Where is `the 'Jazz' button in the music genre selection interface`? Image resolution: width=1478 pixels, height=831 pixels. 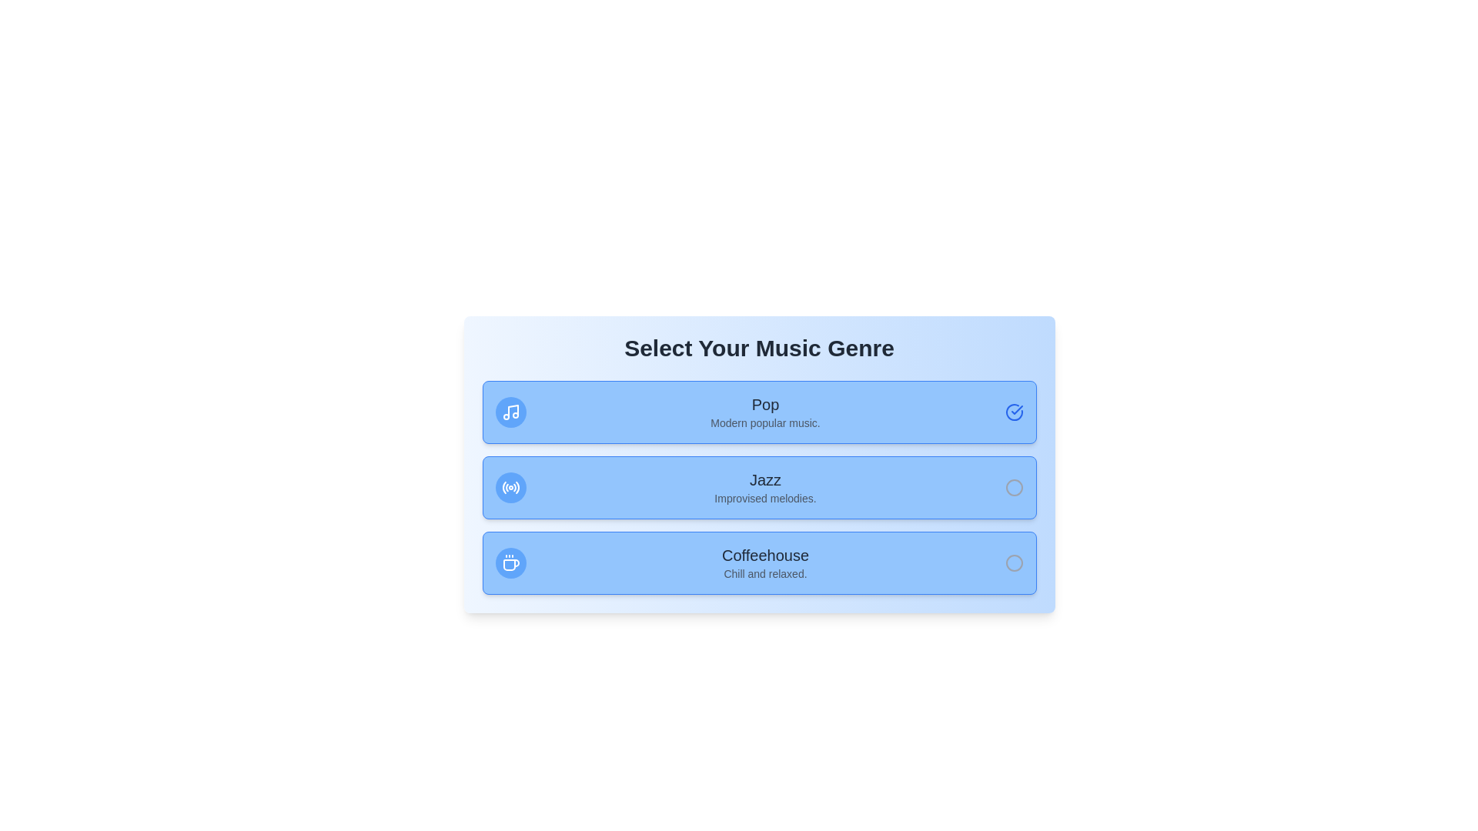 the 'Jazz' button in the music genre selection interface is located at coordinates (759, 487).